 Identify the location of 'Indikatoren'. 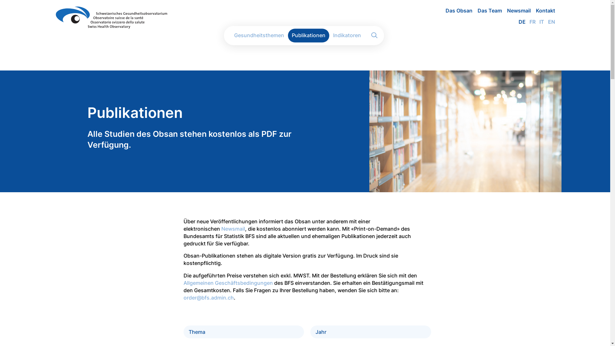
(347, 35).